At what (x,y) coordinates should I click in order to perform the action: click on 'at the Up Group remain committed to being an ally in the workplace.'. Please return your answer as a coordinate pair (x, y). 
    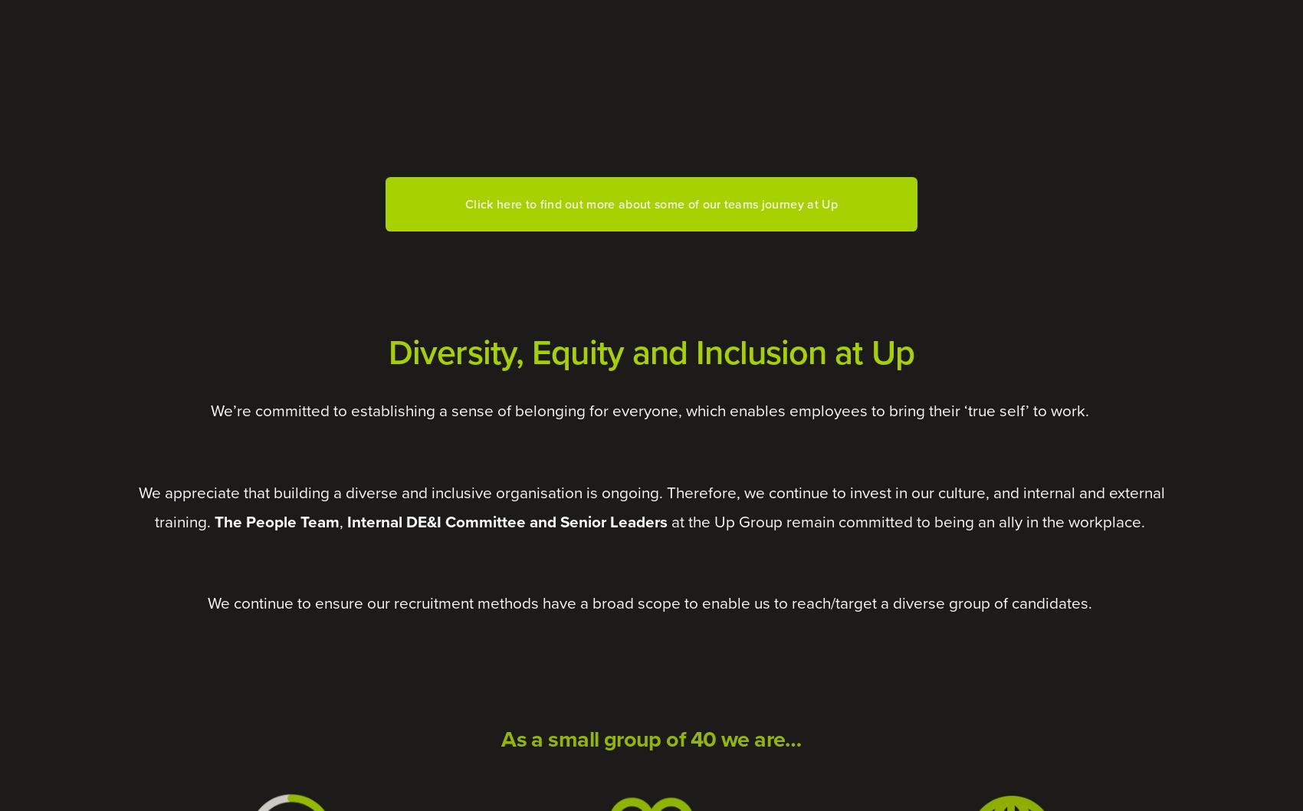
    Looking at the image, I should click on (667, 520).